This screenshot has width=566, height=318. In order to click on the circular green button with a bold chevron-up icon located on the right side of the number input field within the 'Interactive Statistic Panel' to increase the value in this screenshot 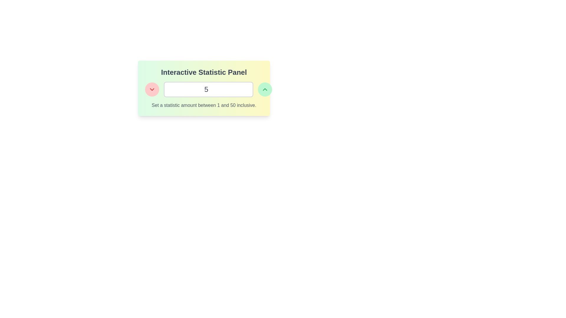, I will do `click(264, 90)`.